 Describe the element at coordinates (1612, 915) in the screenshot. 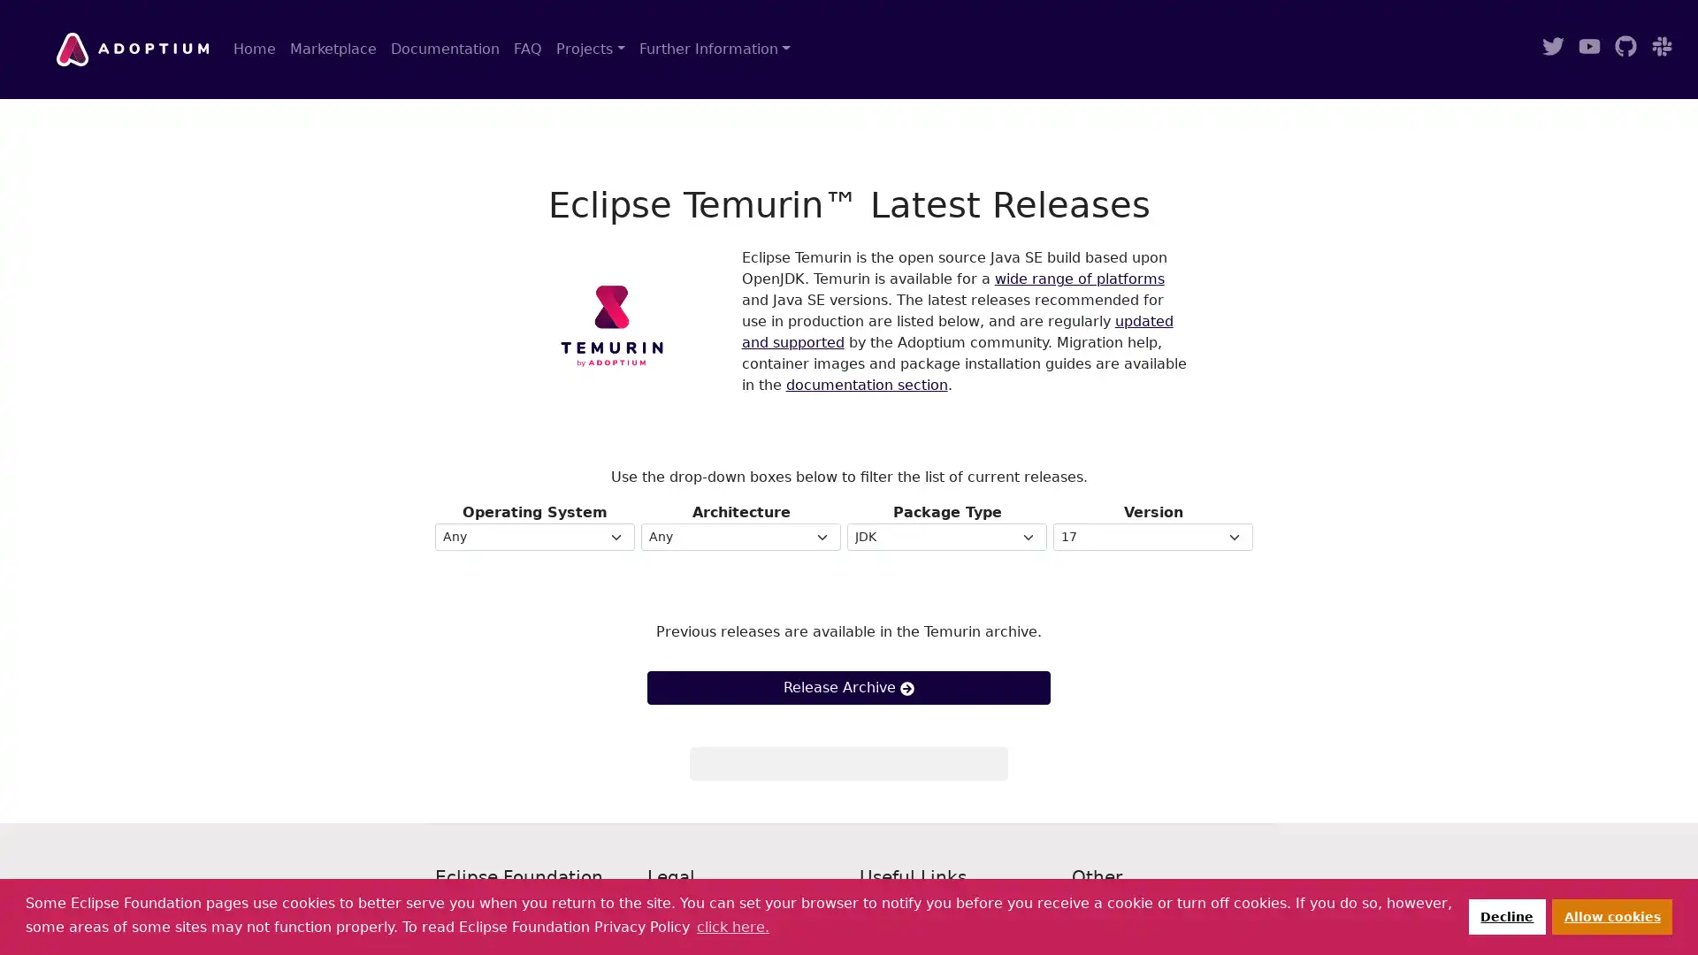

I see `allow cookies` at that location.